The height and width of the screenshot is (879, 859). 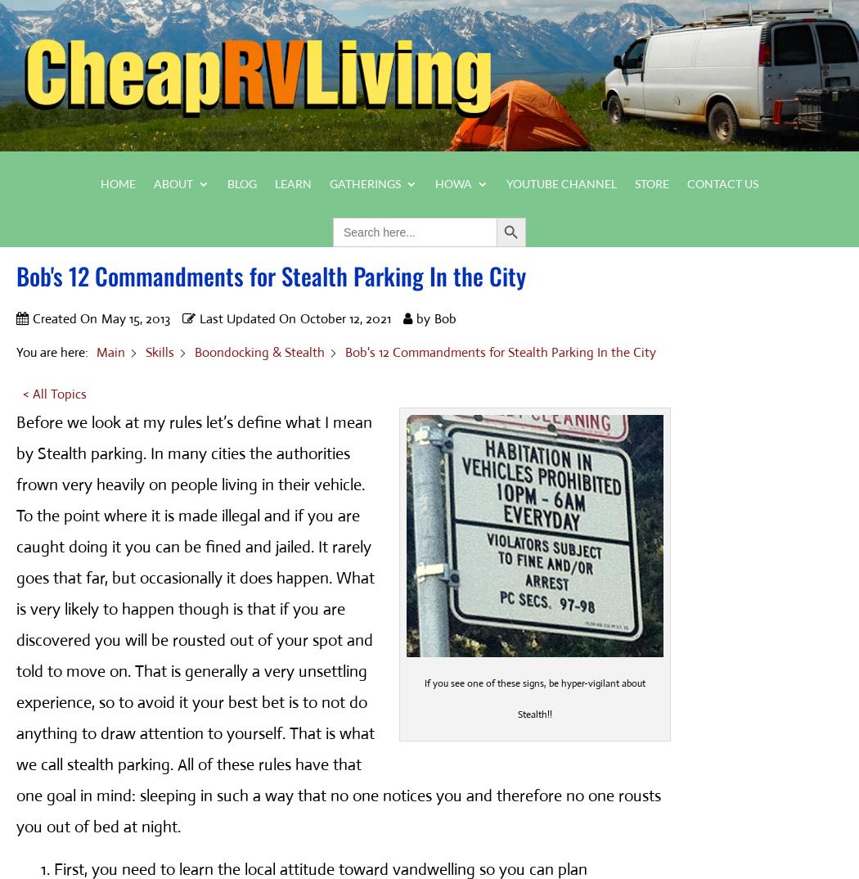 What do you see at coordinates (292, 182) in the screenshot?
I see `'Learn'` at bounding box center [292, 182].